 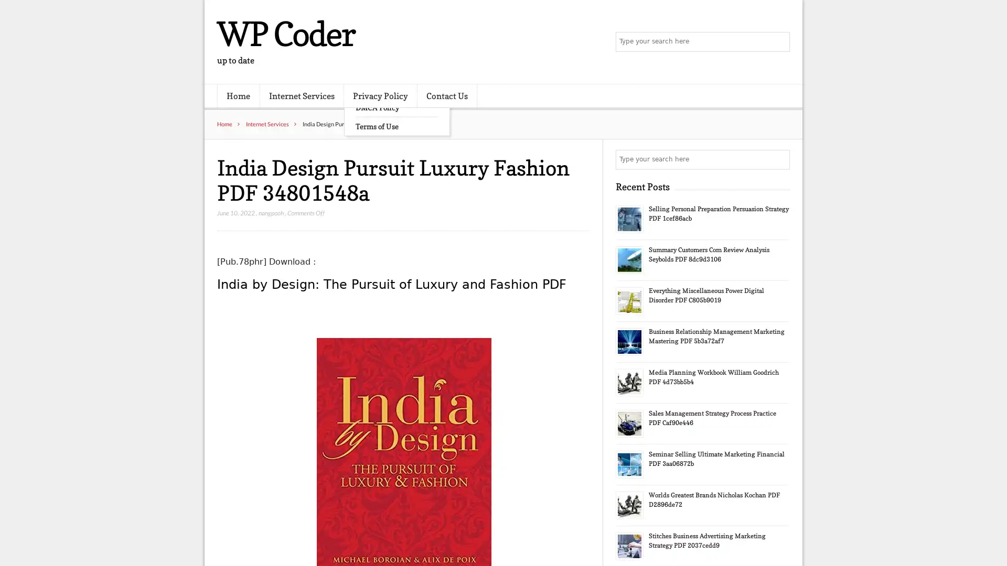 I want to click on Search, so click(x=779, y=42).